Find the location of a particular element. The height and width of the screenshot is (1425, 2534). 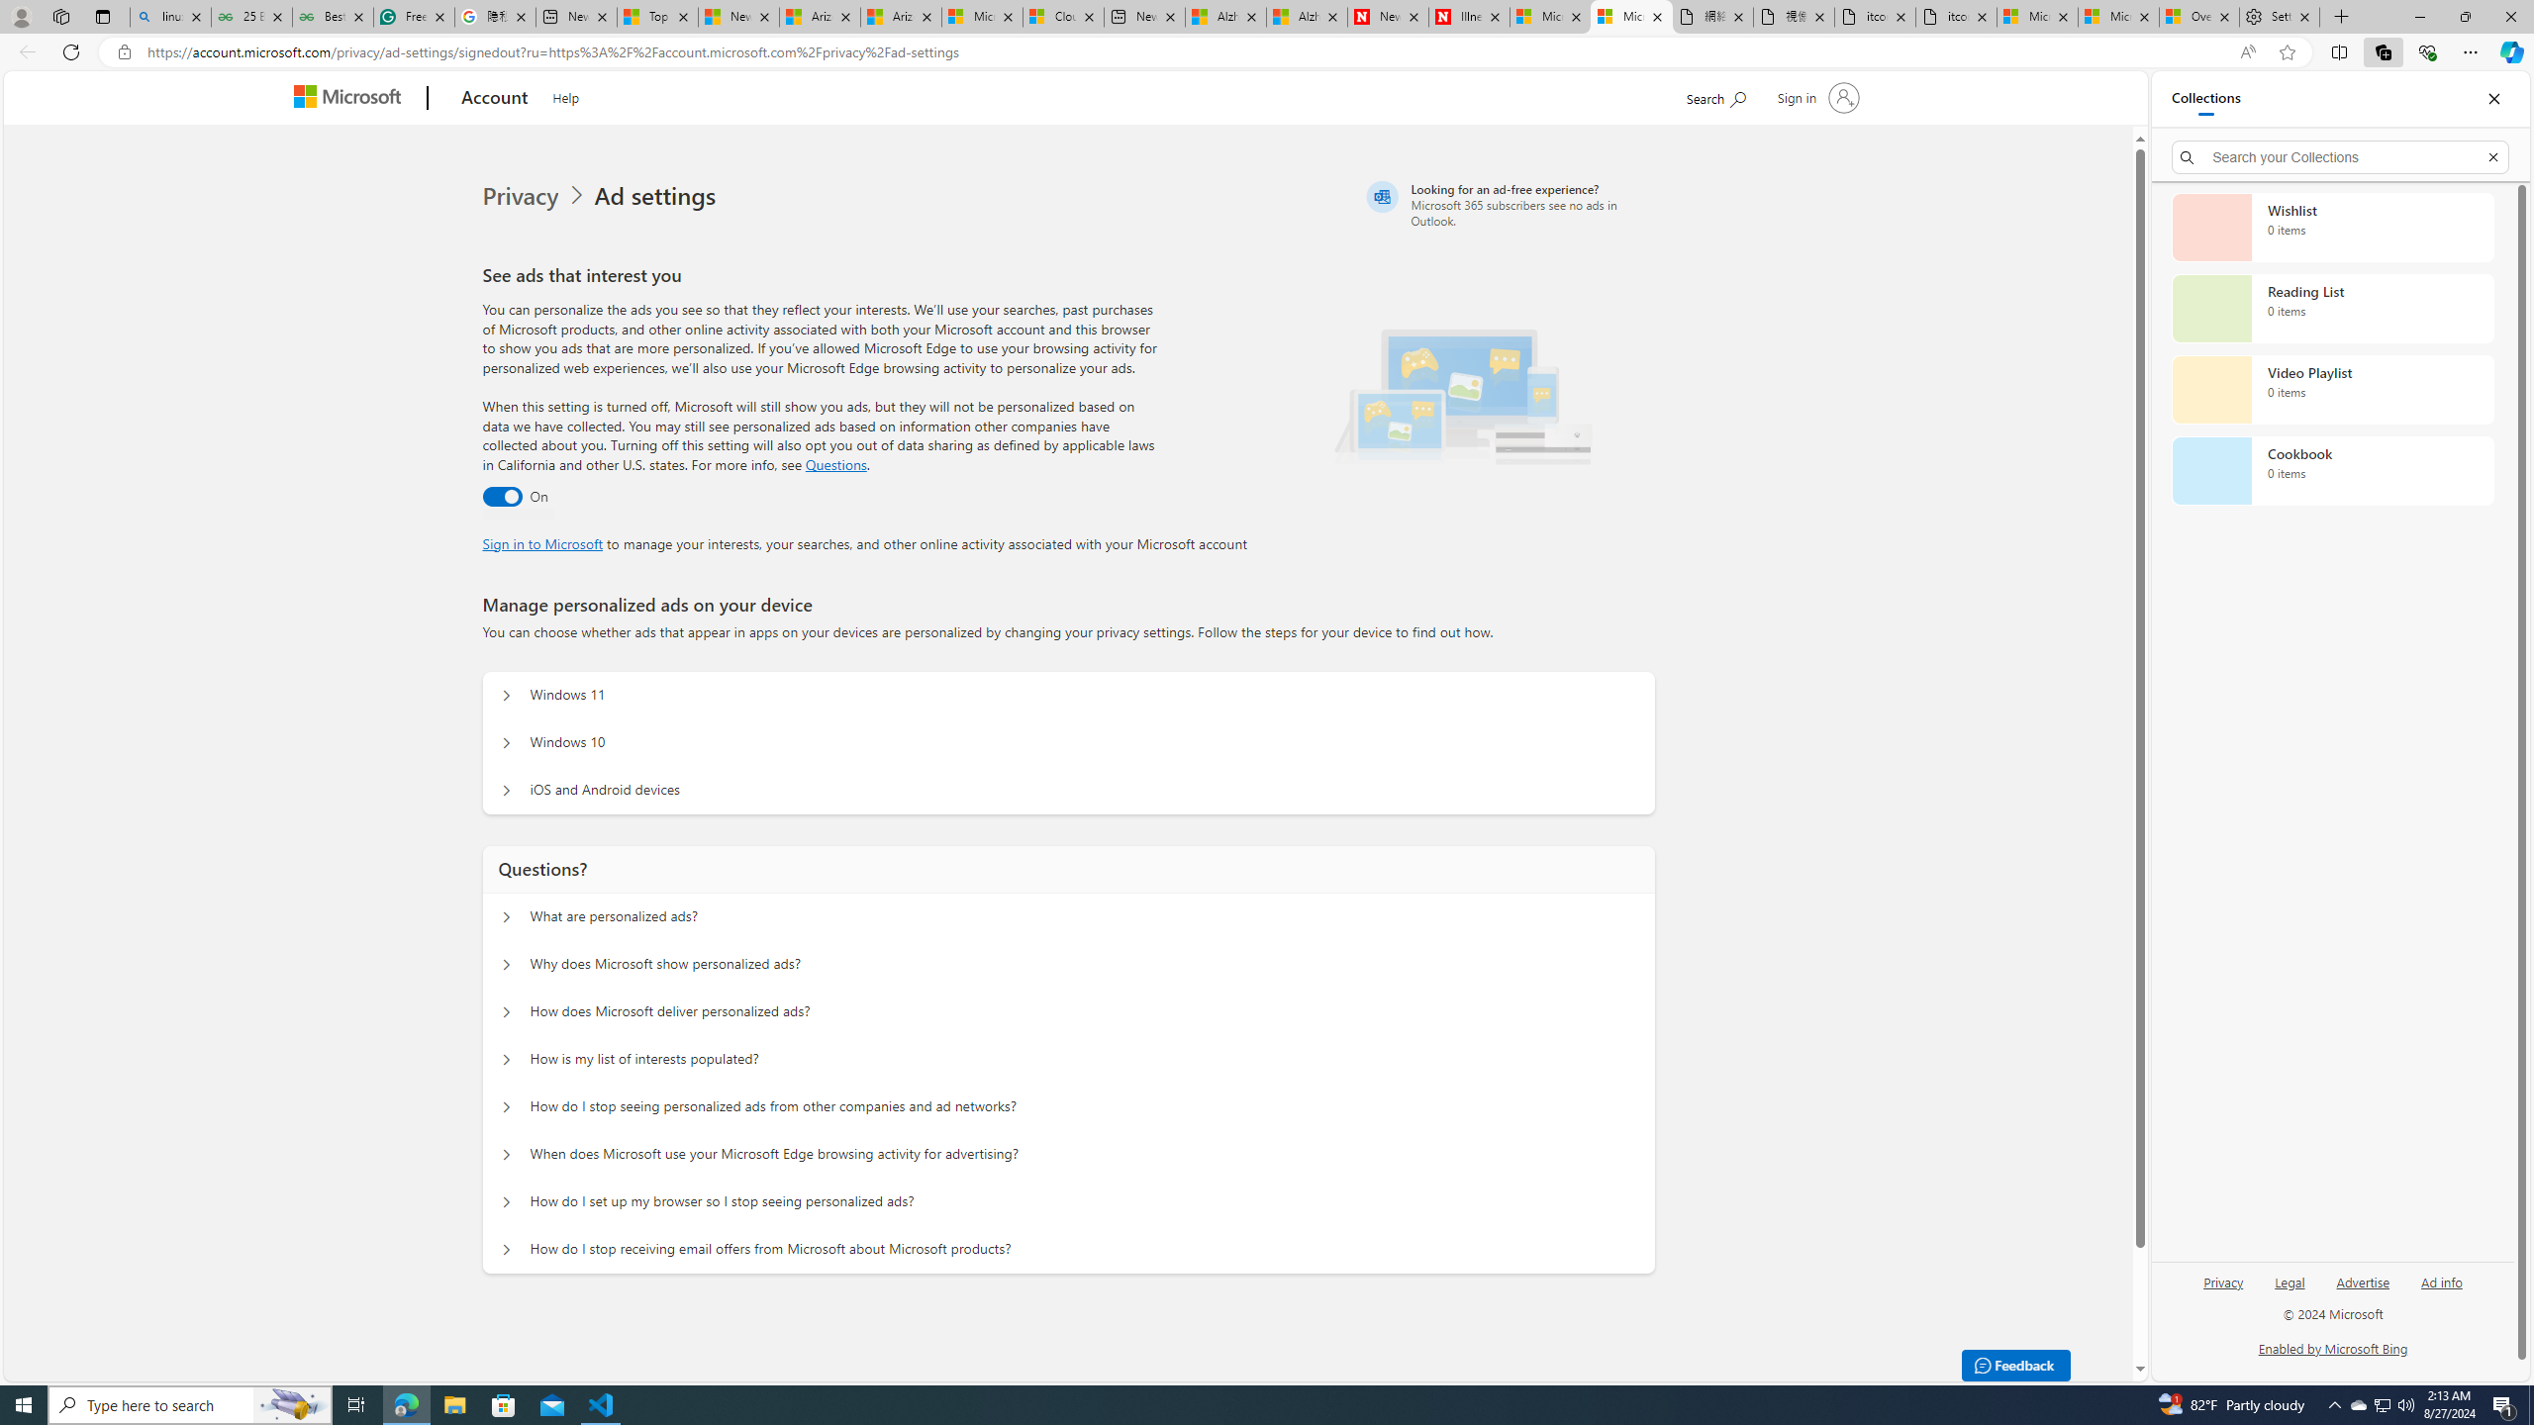

'Questions? How does Microsoft deliver personalized ads?' is located at coordinates (504, 1011).